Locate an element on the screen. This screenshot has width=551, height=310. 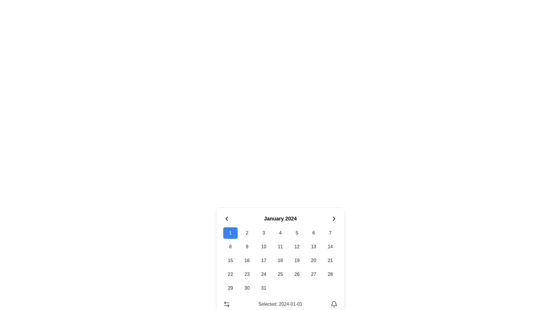
the Calendar day element displaying the number '10' is located at coordinates (263, 247).